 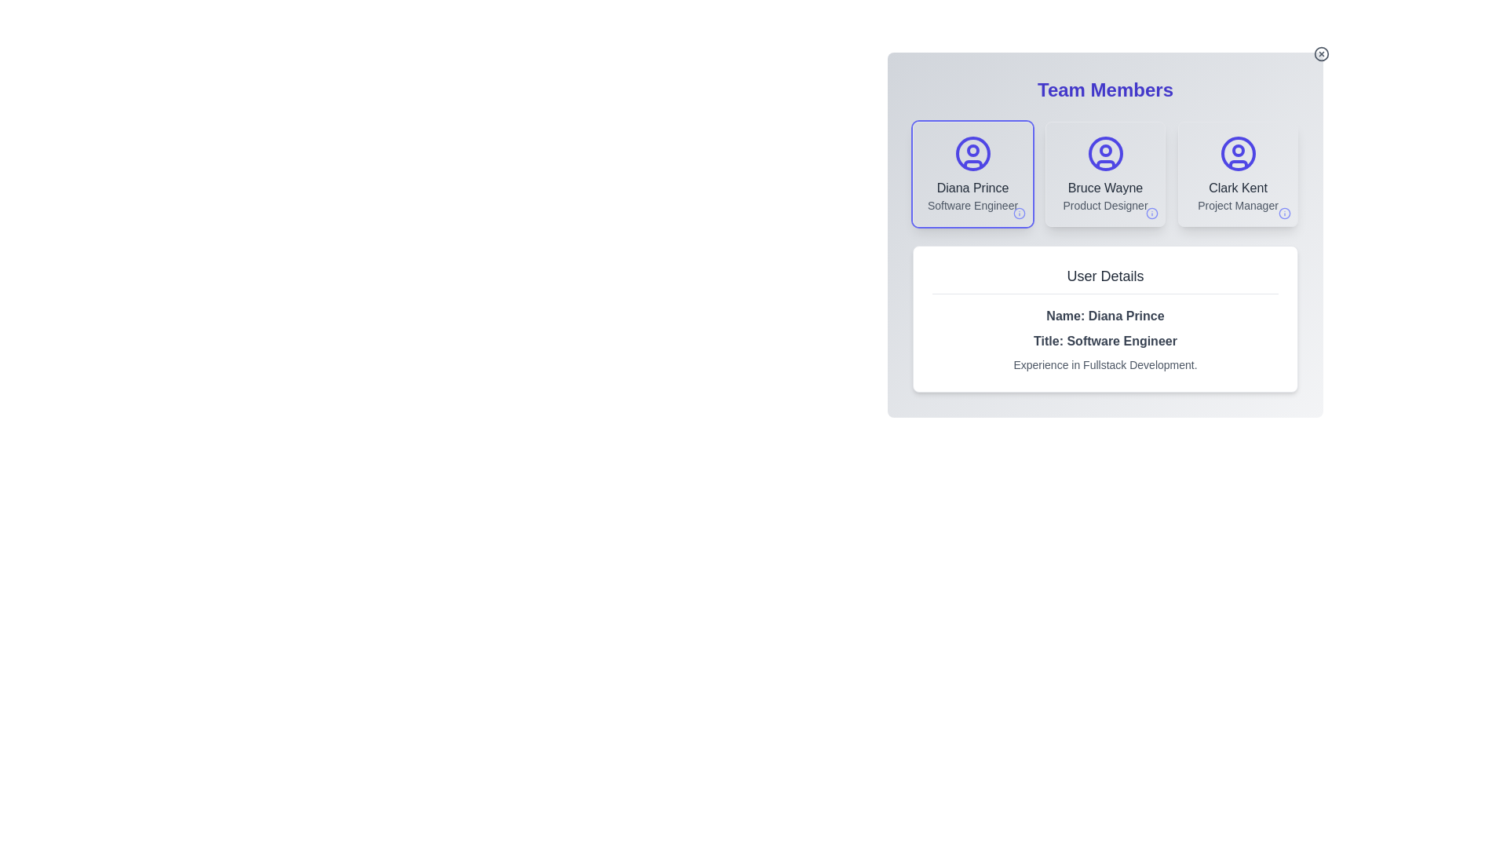 I want to click on the informational help icon located in the bottom-right corner of the card labeled 'Diana Prince Software Engineer' in the 'Team Members' section, so click(x=1020, y=214).